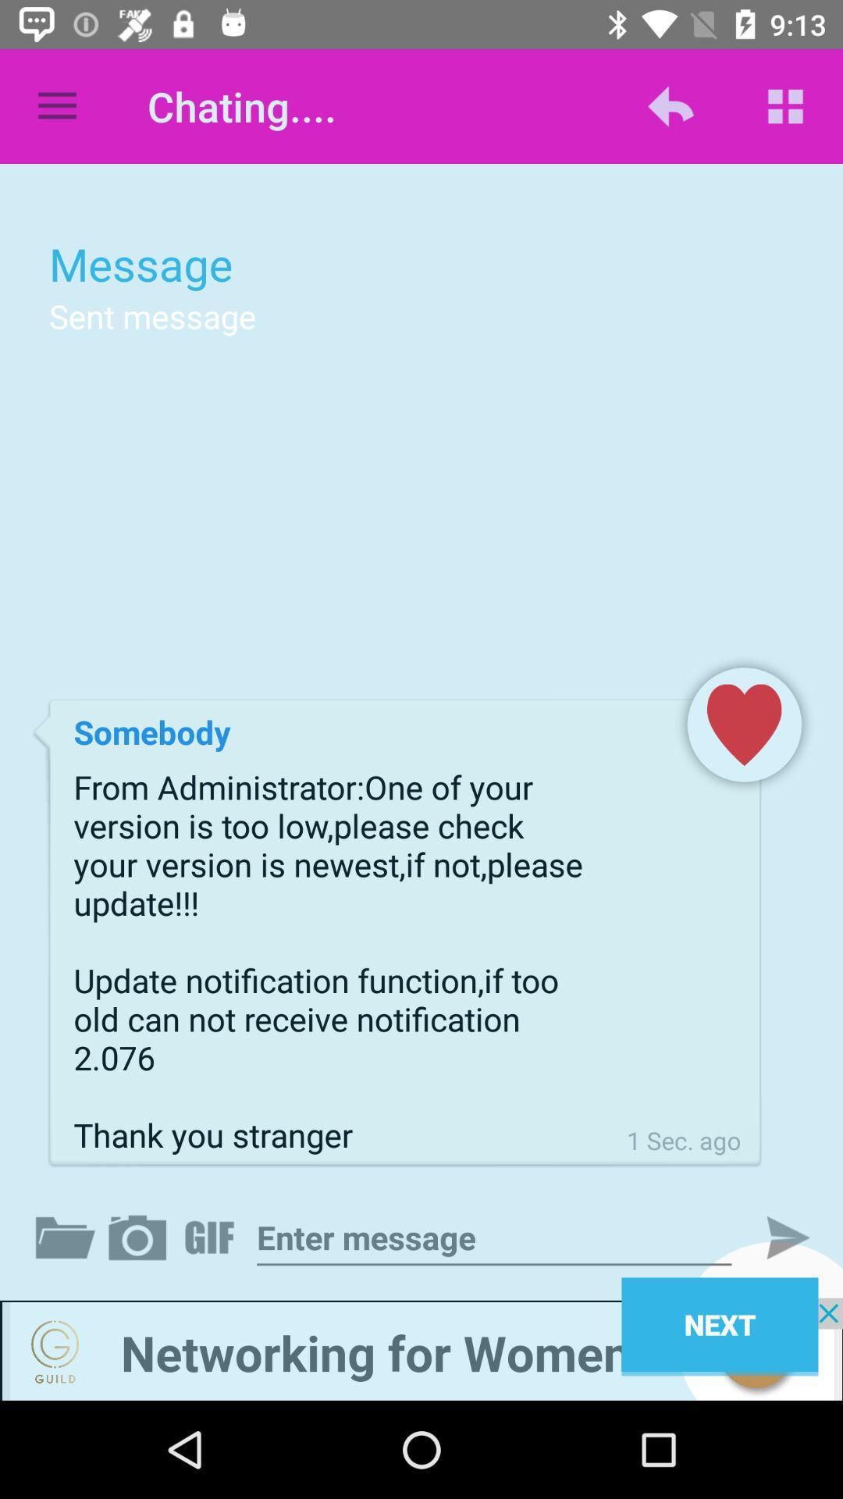 The image size is (843, 1499). What do you see at coordinates (494, 1237) in the screenshot?
I see `address page` at bounding box center [494, 1237].